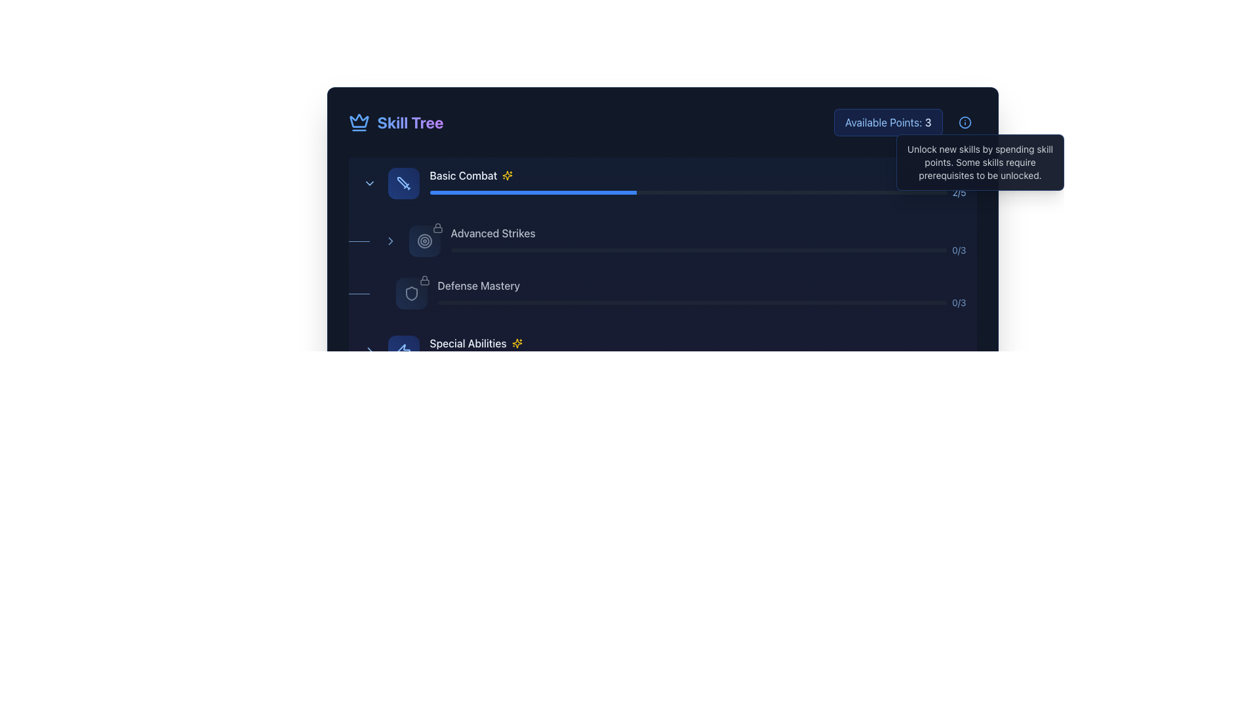  What do you see at coordinates (691, 303) in the screenshot?
I see `the 'Defense Mastery' progress bar which visually represents the completion level of the skill, currently at 0 out of 3 points` at bounding box center [691, 303].